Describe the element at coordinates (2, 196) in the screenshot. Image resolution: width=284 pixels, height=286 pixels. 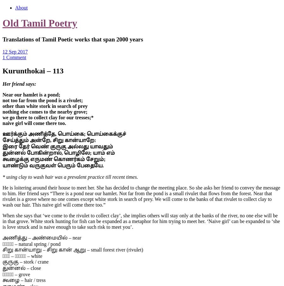
I see `'He is loitering around their house to meet her. She has decided to change the meeting place. So she asks her friend to convey the message to him. Her friend says “There is a pond near our hamlet. Not far from the pond is a small rivulet that flows from the forest. Near that rivulet is a grove where no one comes except white stork in search of prey. We will come to the banks of that rivulet to collect clay to wash our hair. This naive girl will come there too.”'` at that location.